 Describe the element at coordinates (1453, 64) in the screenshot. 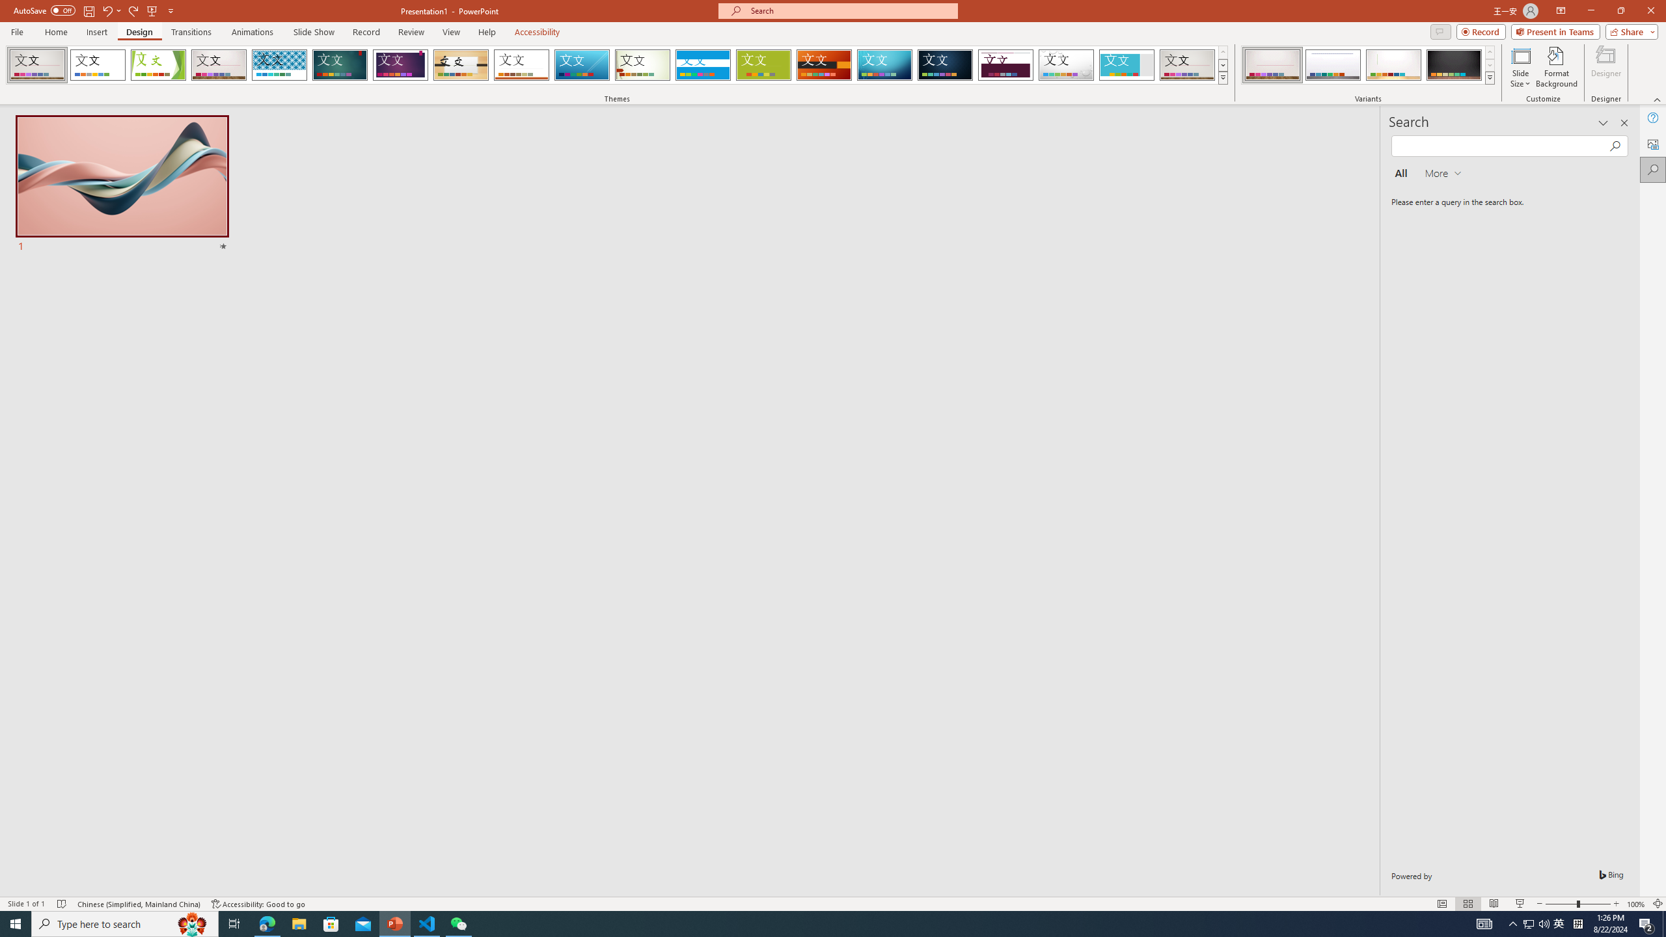

I see `'Gallery Variant 4'` at that location.